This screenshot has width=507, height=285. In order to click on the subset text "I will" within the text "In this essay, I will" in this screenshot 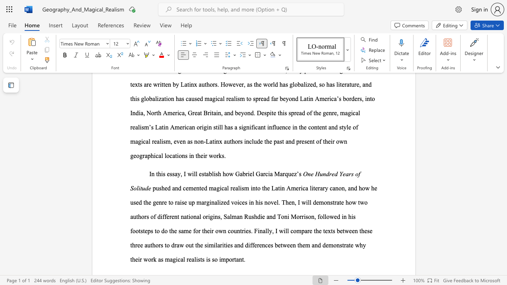, I will do `click(183, 173)`.